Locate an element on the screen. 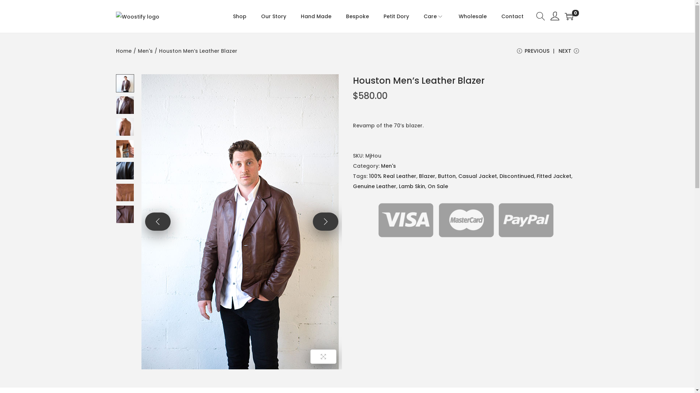 This screenshot has width=700, height=393. 'NEXT' is located at coordinates (568, 53).